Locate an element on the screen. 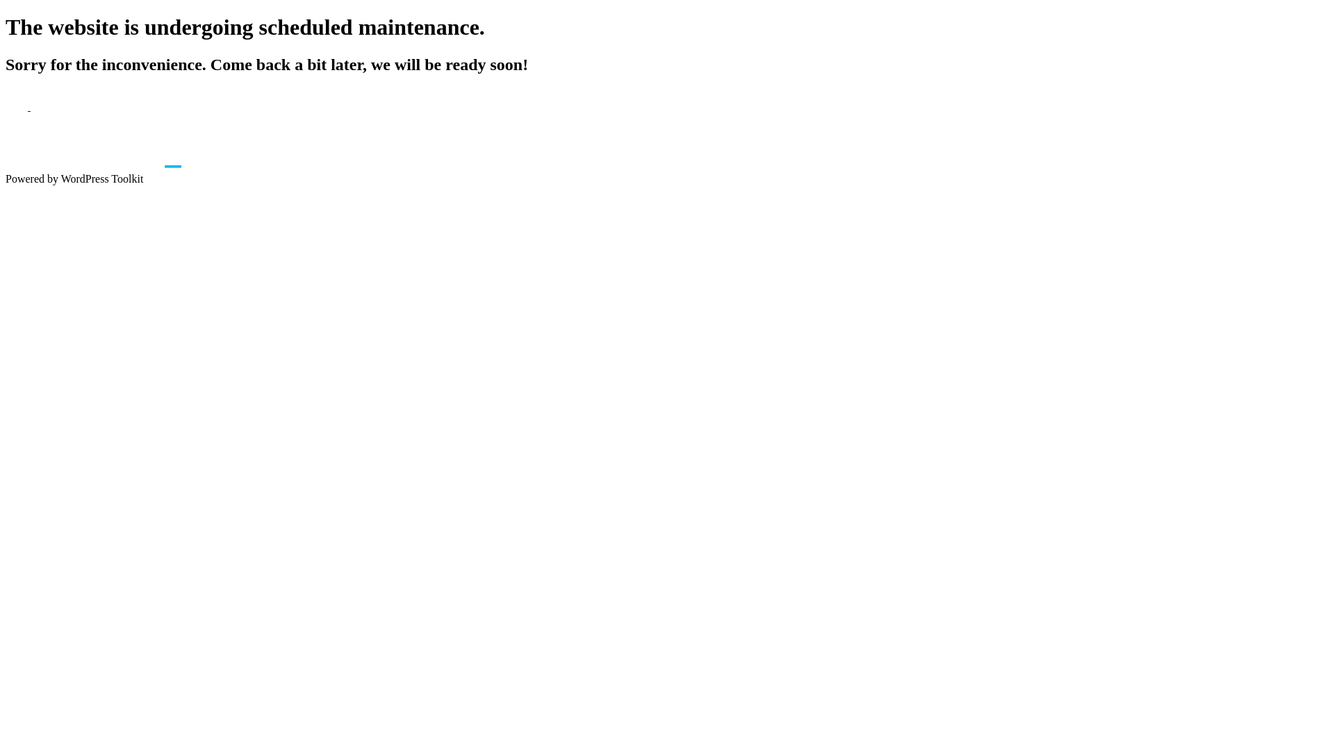 Image resolution: width=1334 pixels, height=750 pixels. 'Twitter' is located at coordinates (41, 106).